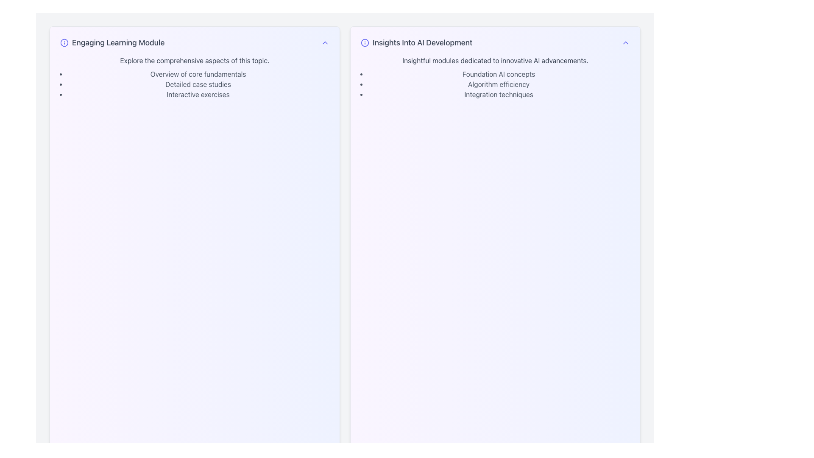 The image size is (814, 458). What do you see at coordinates (495, 77) in the screenshot?
I see `text in the bulleted list located in the text block under 'Insights Into AI Development' on the right panel of the interface` at bounding box center [495, 77].